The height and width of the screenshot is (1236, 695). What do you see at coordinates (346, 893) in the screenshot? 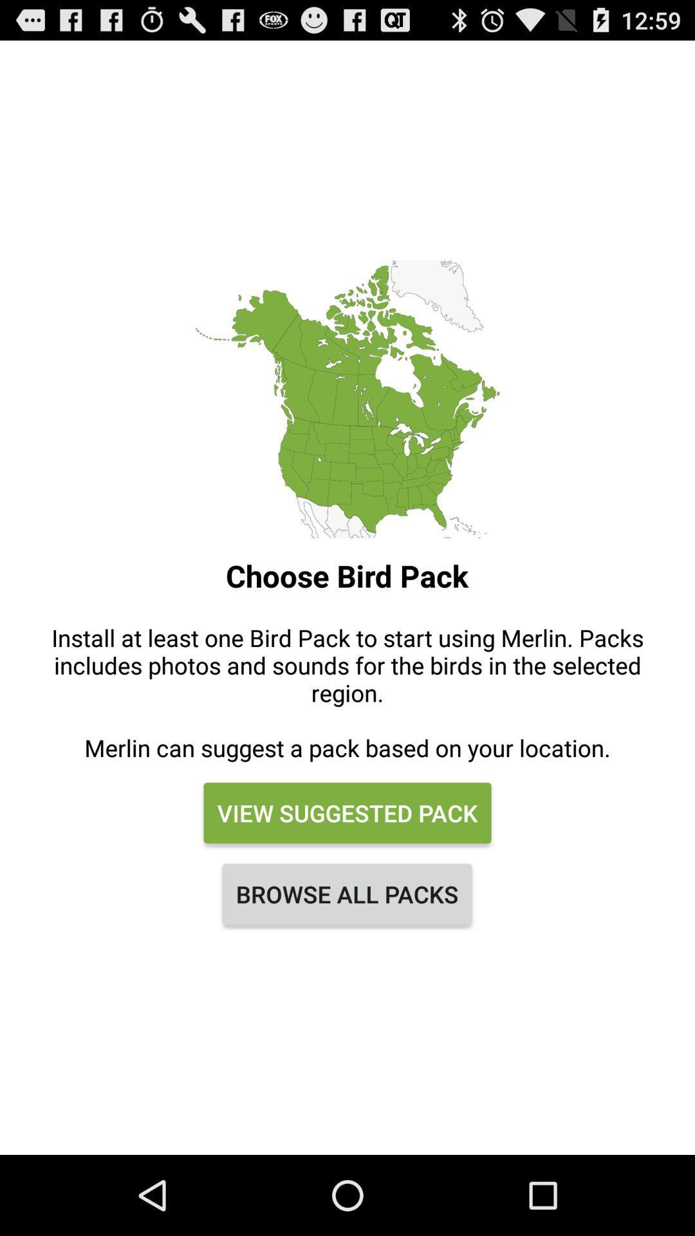
I see `item below view suggested pack icon` at bounding box center [346, 893].